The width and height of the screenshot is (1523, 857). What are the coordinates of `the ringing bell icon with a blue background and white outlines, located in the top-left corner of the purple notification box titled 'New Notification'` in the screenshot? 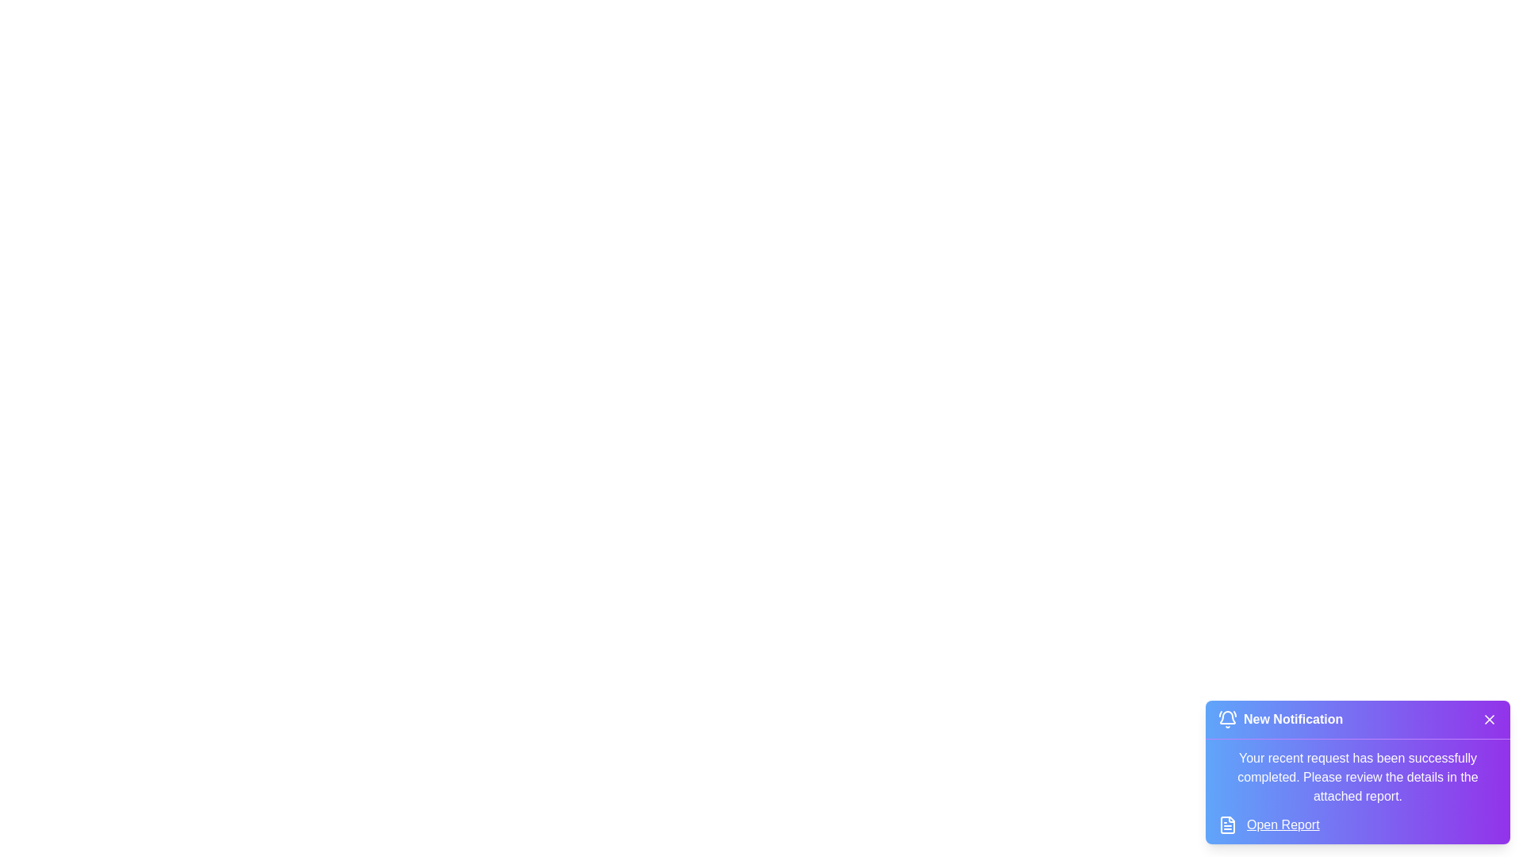 It's located at (1227, 719).